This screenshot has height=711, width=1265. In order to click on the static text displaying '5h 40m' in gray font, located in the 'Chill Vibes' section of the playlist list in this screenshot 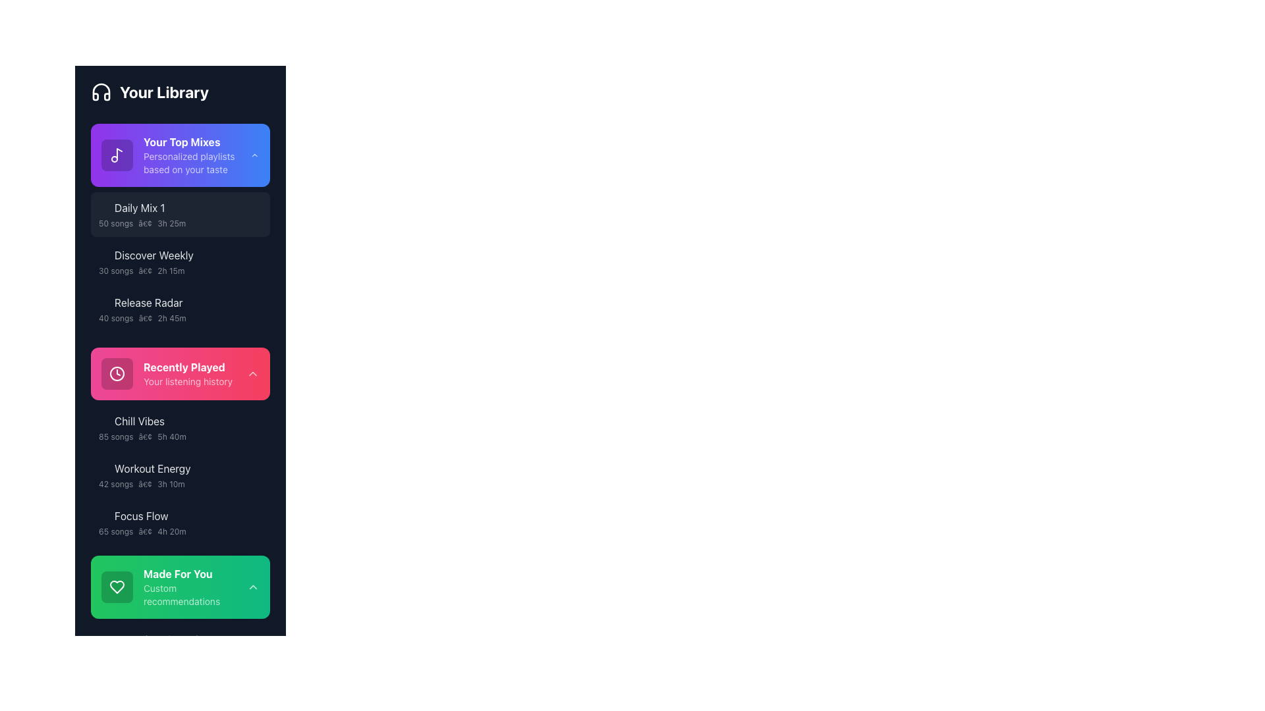, I will do `click(171, 436)`.